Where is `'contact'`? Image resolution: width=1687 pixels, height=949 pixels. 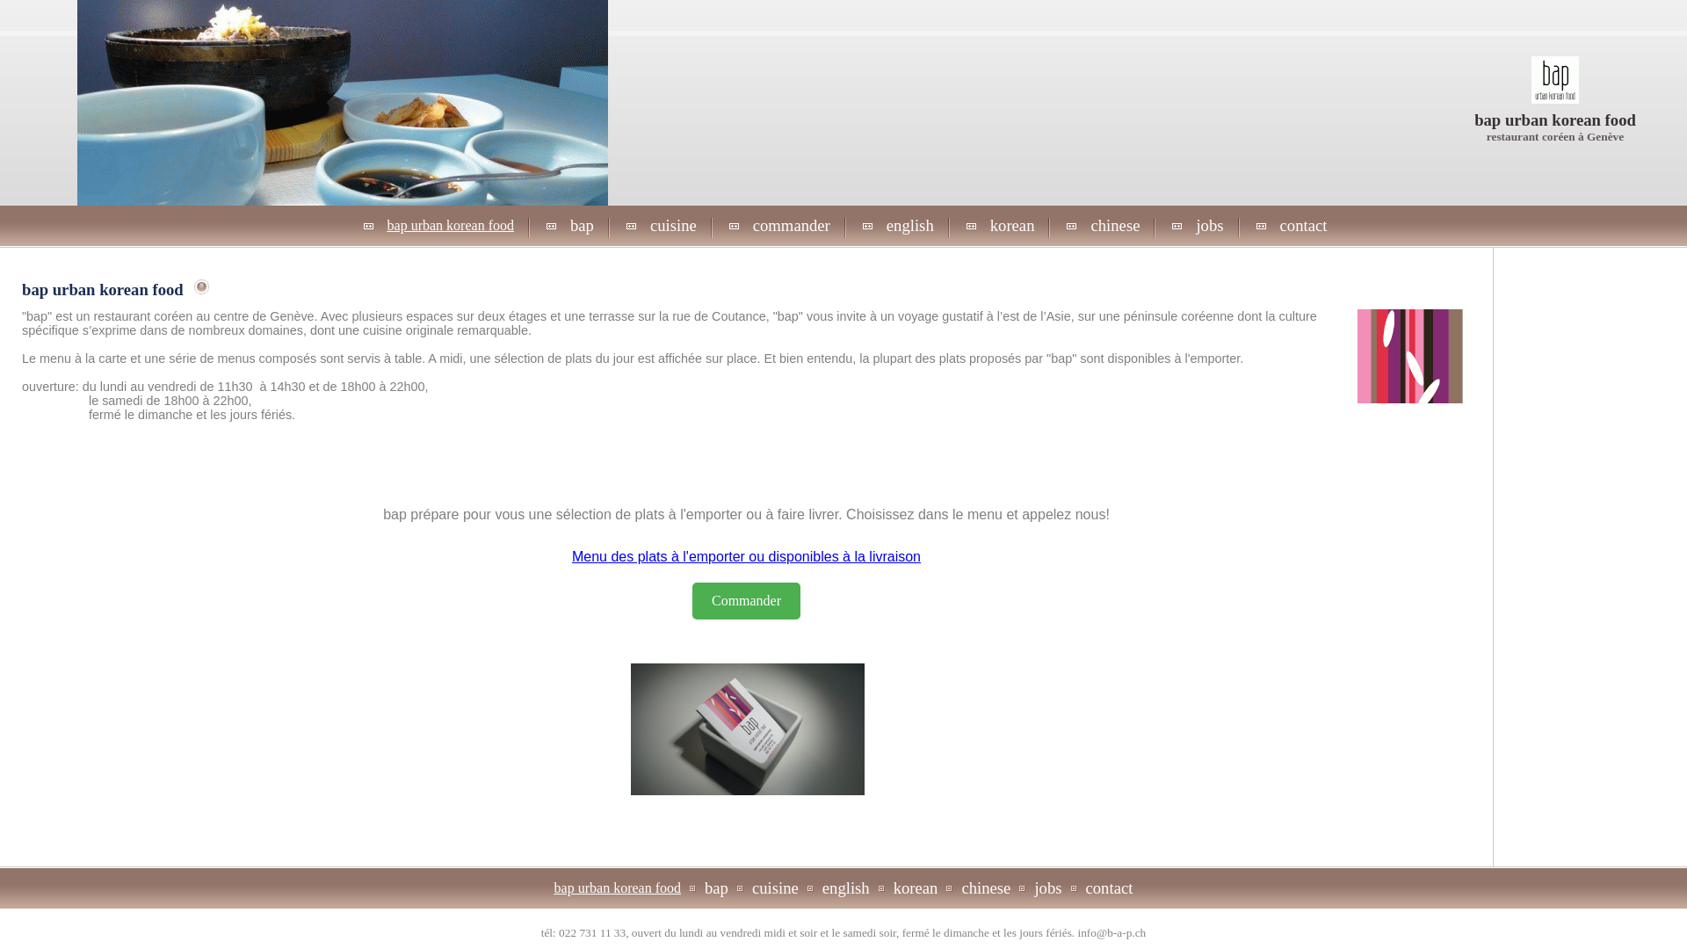 'contact' is located at coordinates (1303, 224).